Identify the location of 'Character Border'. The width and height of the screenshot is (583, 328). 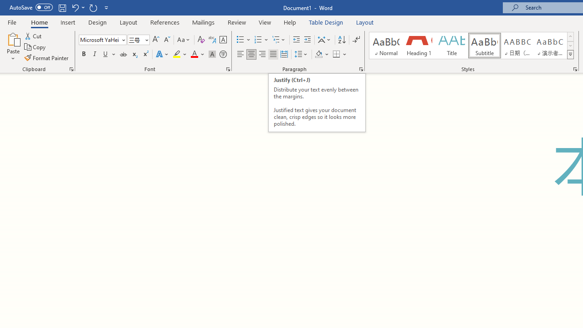
(223, 39).